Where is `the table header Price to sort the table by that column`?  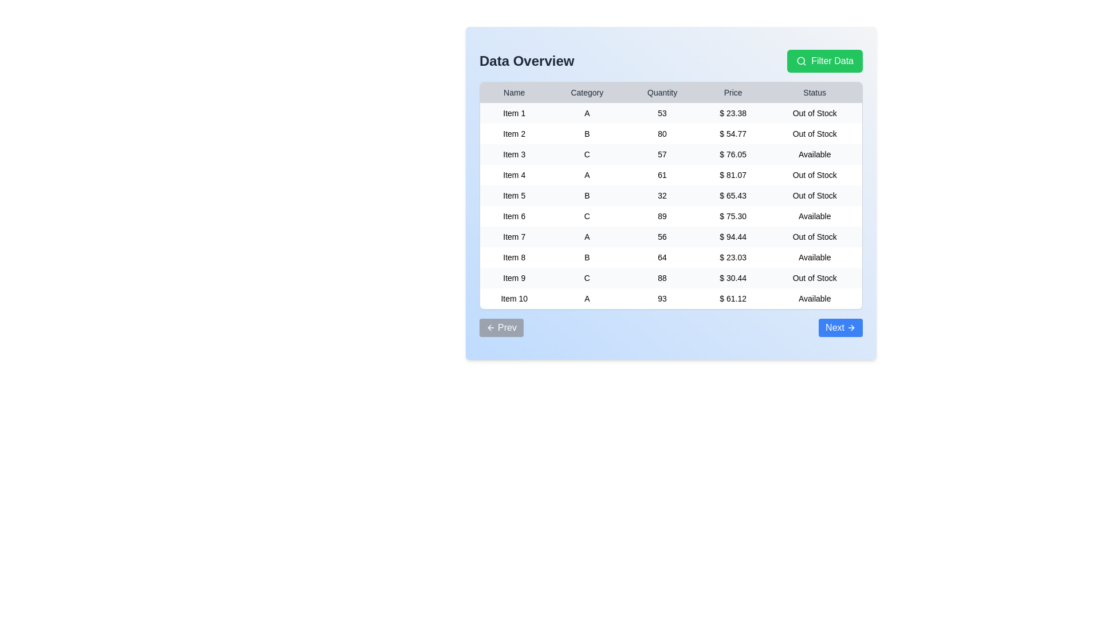 the table header Price to sort the table by that column is located at coordinates (732, 92).